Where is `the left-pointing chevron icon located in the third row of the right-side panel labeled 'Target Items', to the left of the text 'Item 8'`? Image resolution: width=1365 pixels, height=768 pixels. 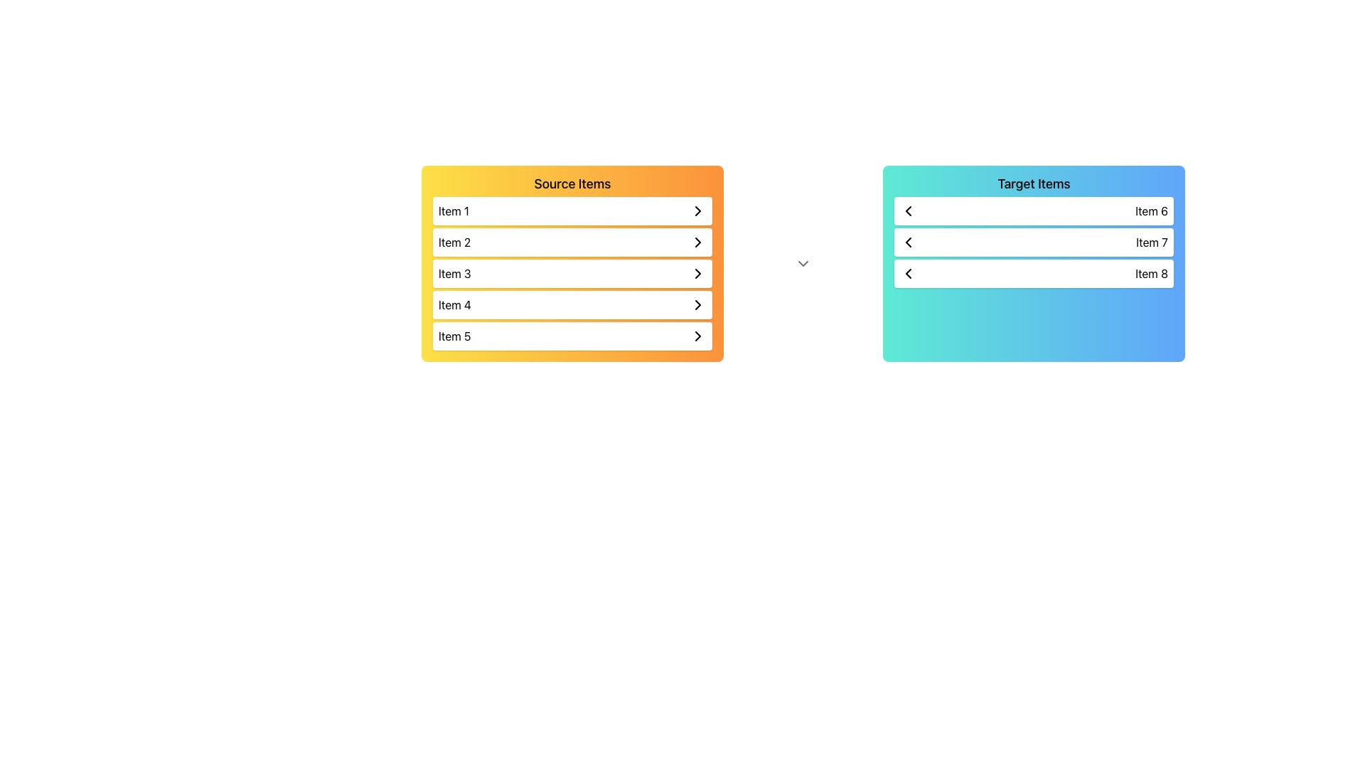 the left-pointing chevron icon located in the third row of the right-side panel labeled 'Target Items', to the left of the text 'Item 8' is located at coordinates (907, 274).